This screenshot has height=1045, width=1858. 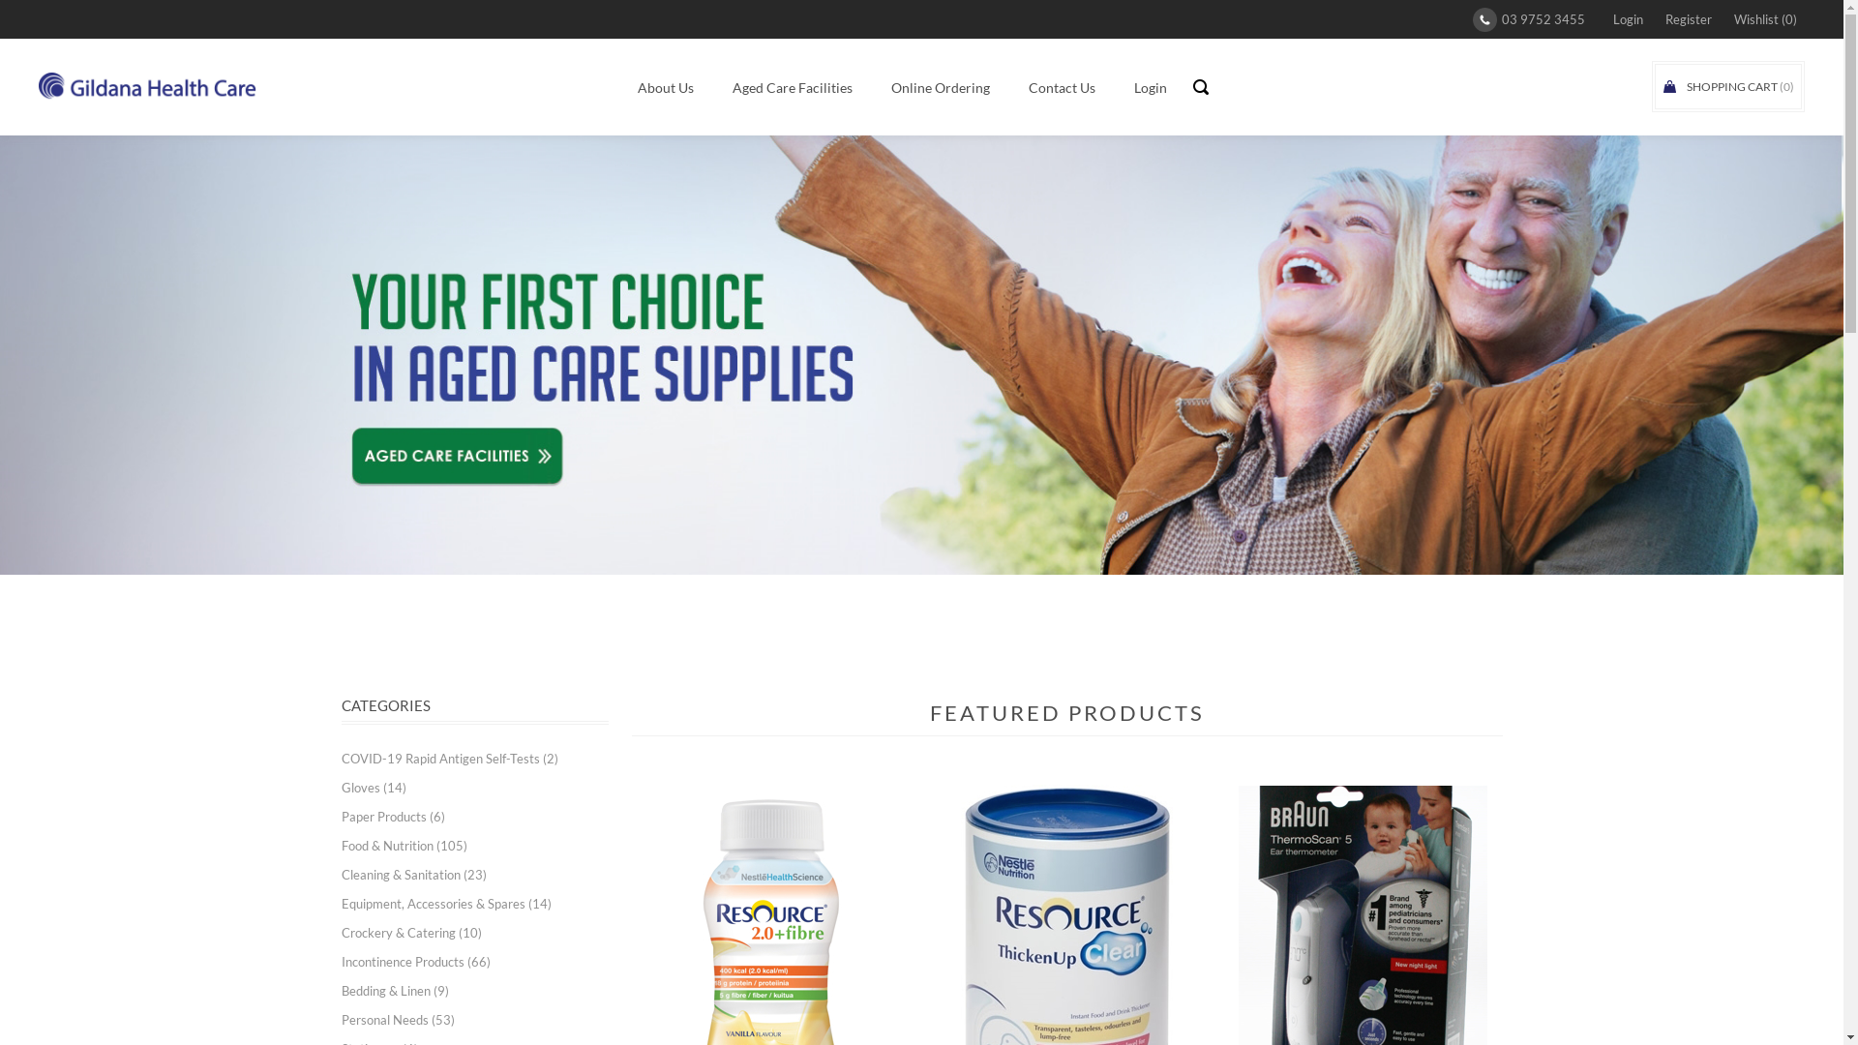 I want to click on 'Aged Care Facilities', so click(x=793, y=87).